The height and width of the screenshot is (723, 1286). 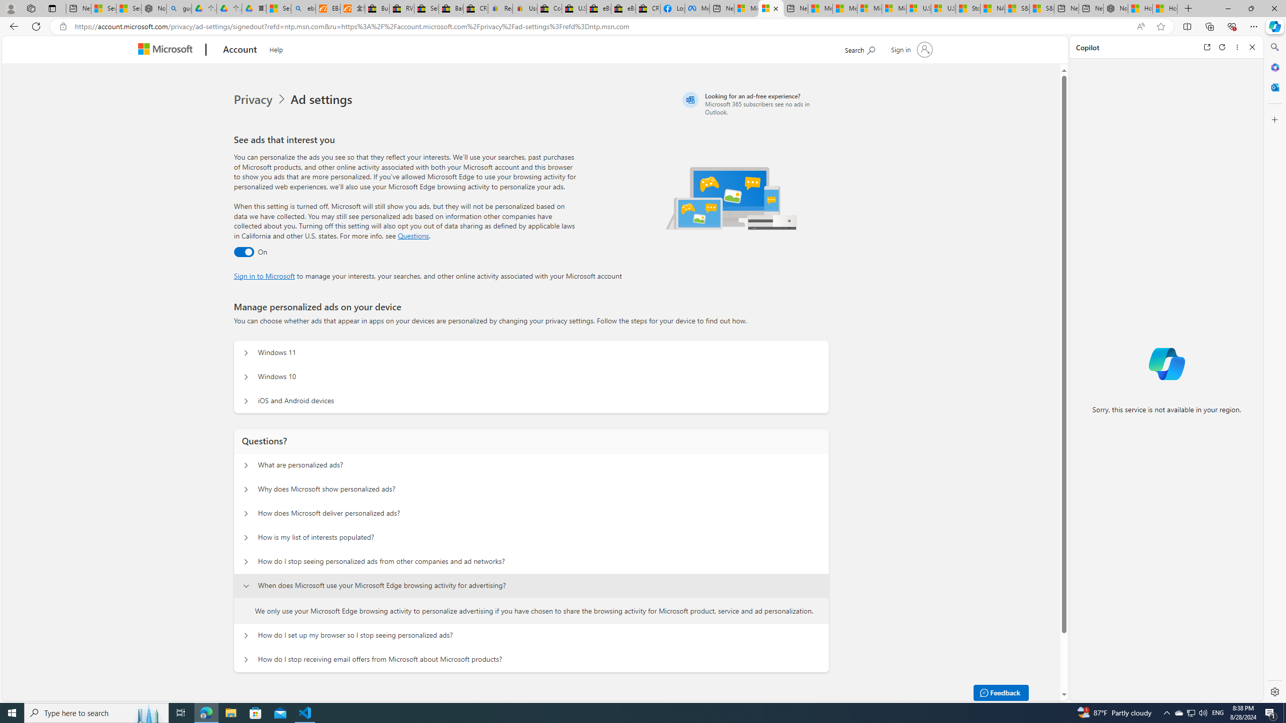 I want to click on 'Manage personalized ads on your device Windows 10', so click(x=246, y=377).